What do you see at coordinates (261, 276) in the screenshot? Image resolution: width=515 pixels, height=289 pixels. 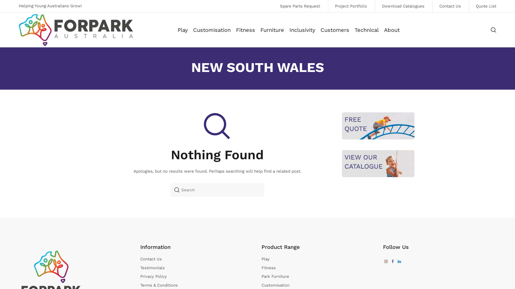 I see `'Park Furniture'` at bounding box center [261, 276].